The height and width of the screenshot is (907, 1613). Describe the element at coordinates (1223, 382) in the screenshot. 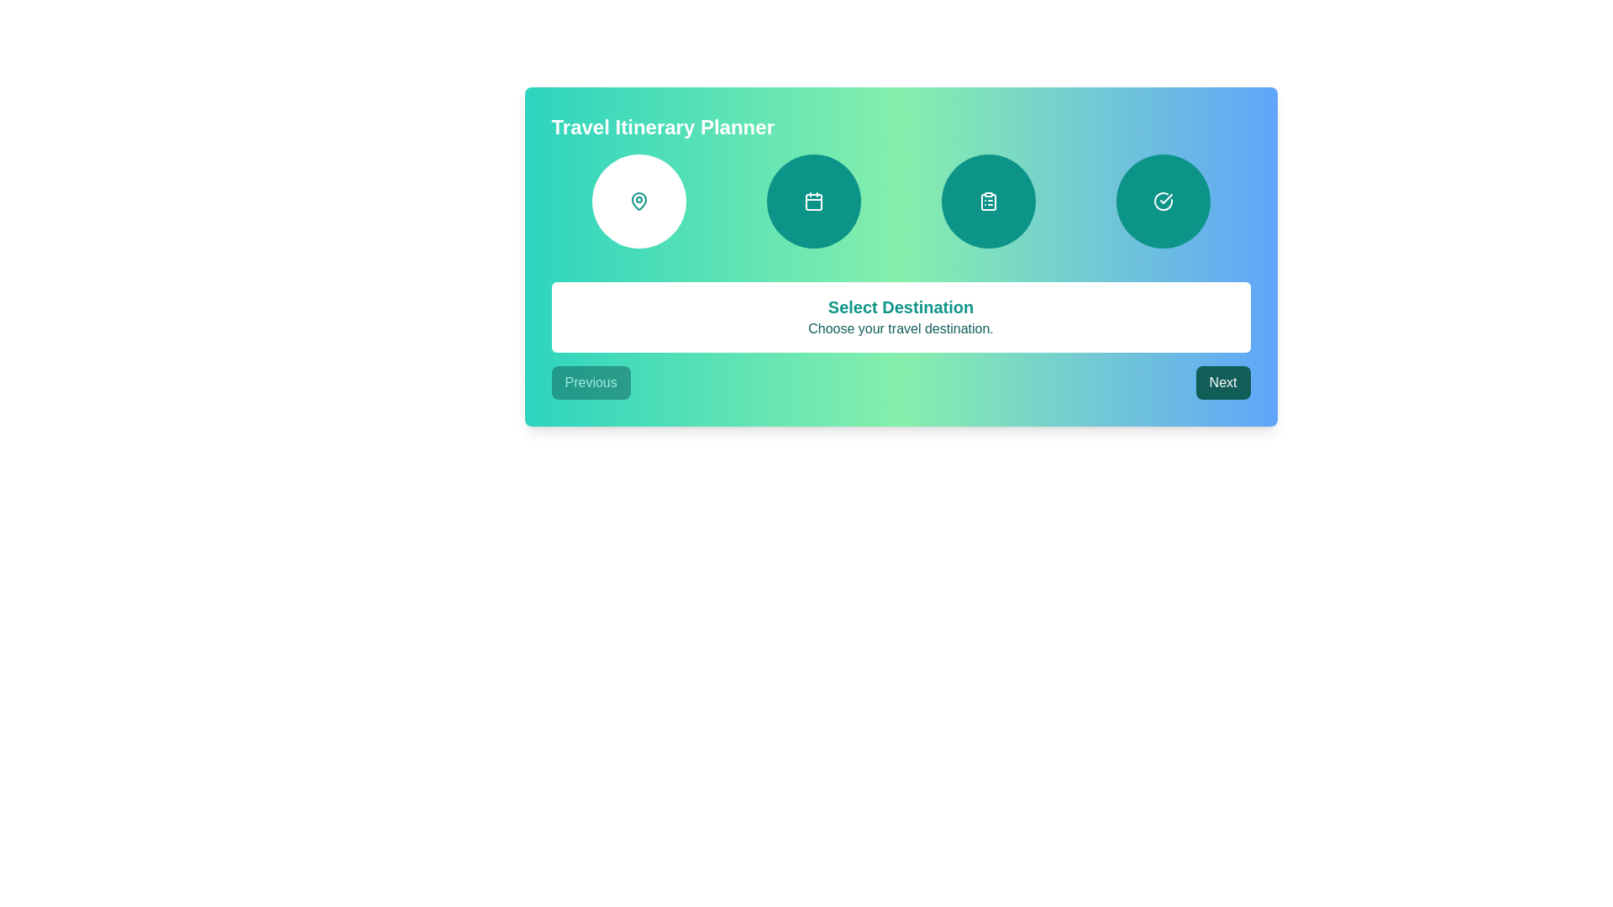

I see `the second button in the navigation sequence, located to the far right and aligned with the 'Previous' button` at that location.